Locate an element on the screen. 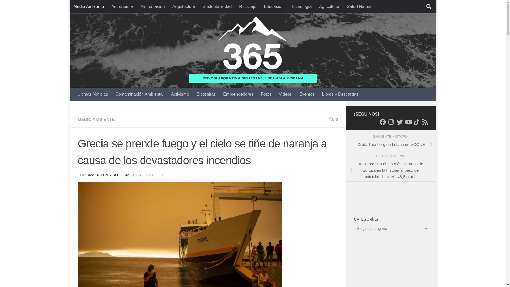 This screenshot has height=287, width=510. 'Videos' is located at coordinates (285, 94).